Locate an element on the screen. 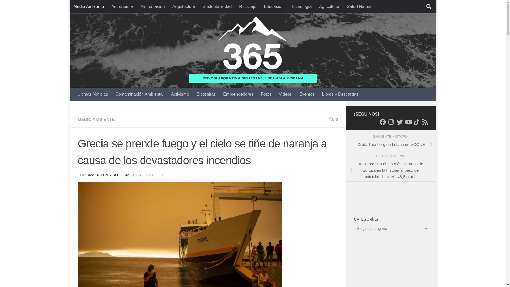 This screenshot has height=287, width=510. 'Videos' is located at coordinates (285, 94).